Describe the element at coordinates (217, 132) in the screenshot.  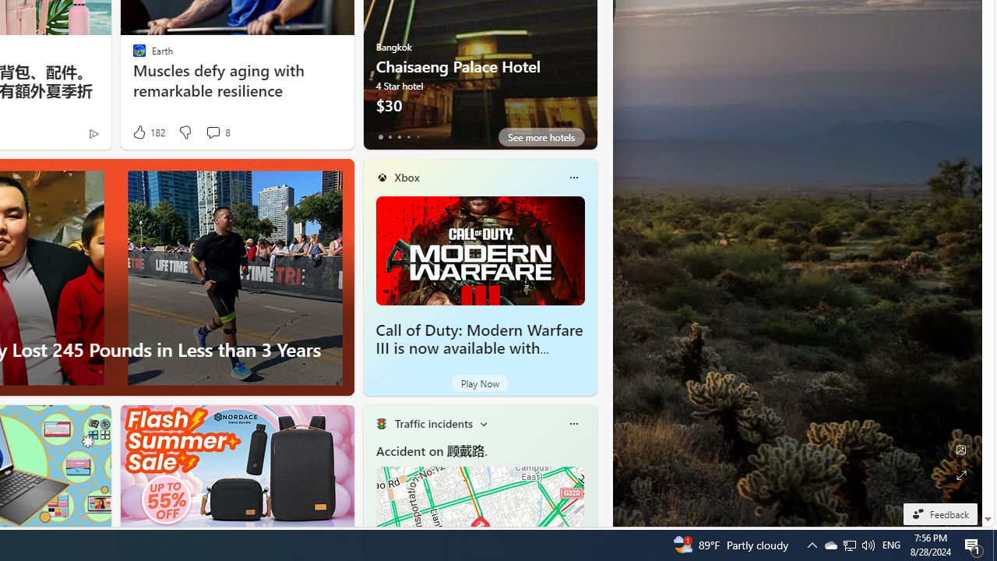
I see `'View comments 8 Comment'` at that location.